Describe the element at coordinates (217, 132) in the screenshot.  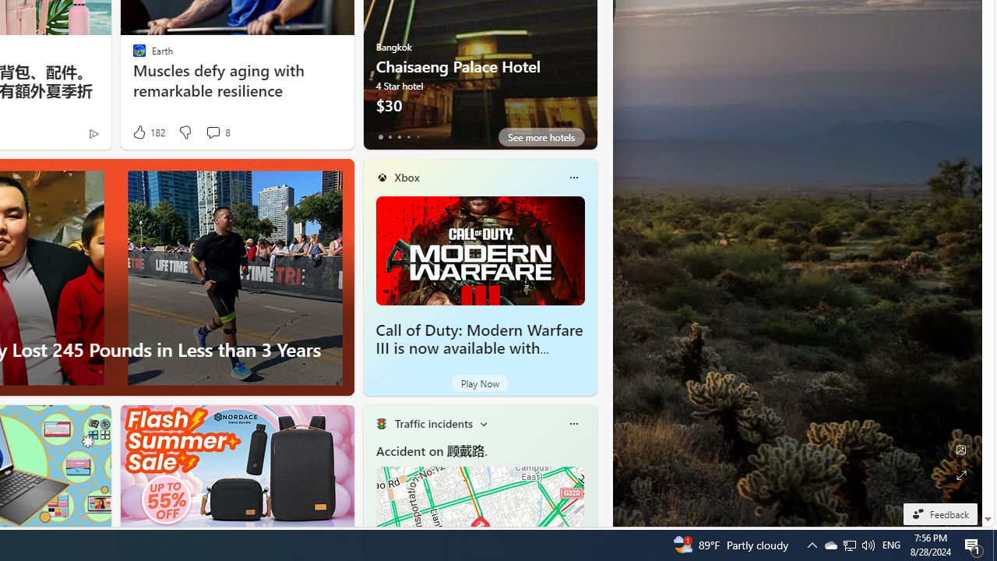
I see `'View comments 8 Comment'` at that location.